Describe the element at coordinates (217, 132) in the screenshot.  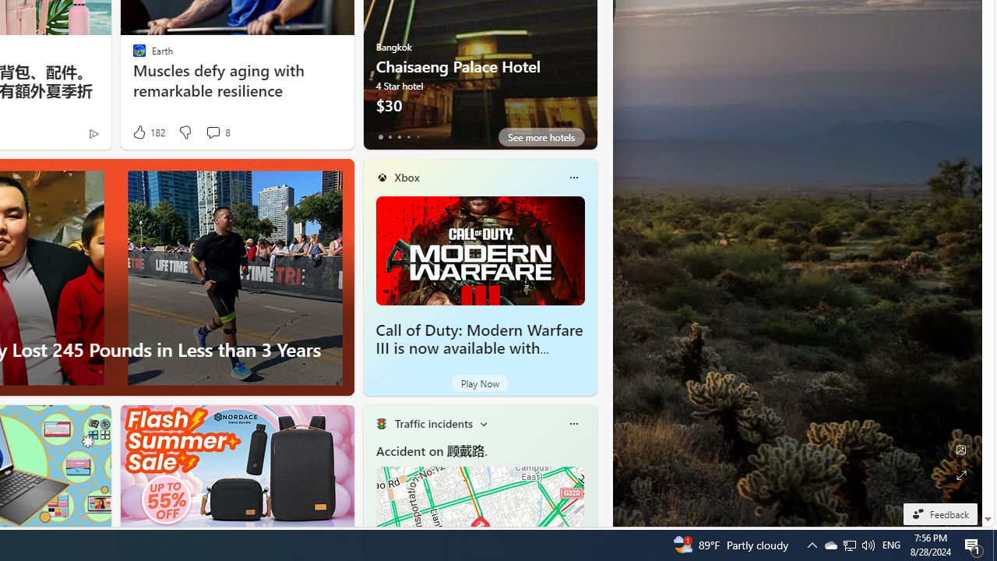
I see `'View comments 8 Comment'` at that location.